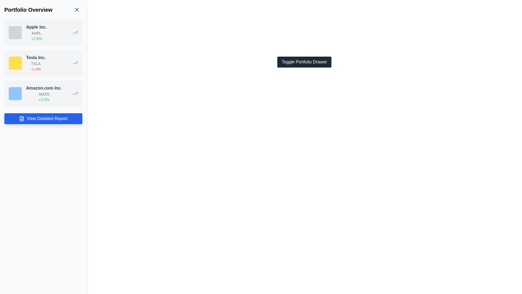 This screenshot has height=294, width=522. I want to click on the first square icon with a light gray background and rounded corners, located to the left of the 'Apple Inc.' label, as a static visual element, so click(15, 32).